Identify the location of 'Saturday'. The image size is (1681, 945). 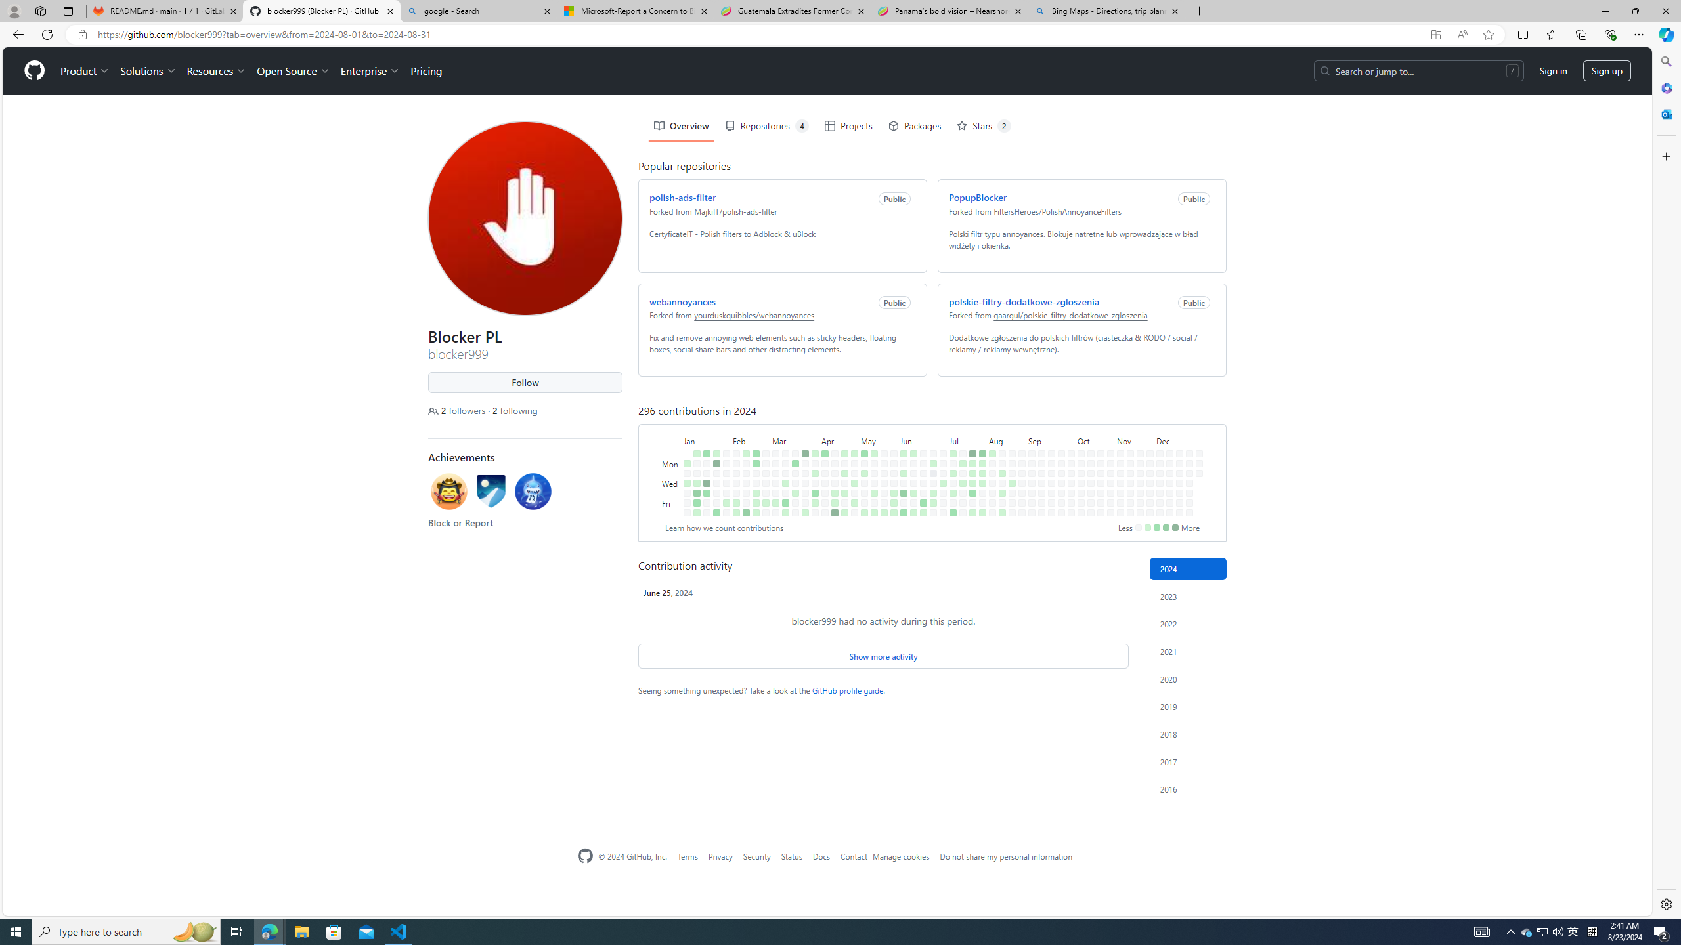
(671, 513).